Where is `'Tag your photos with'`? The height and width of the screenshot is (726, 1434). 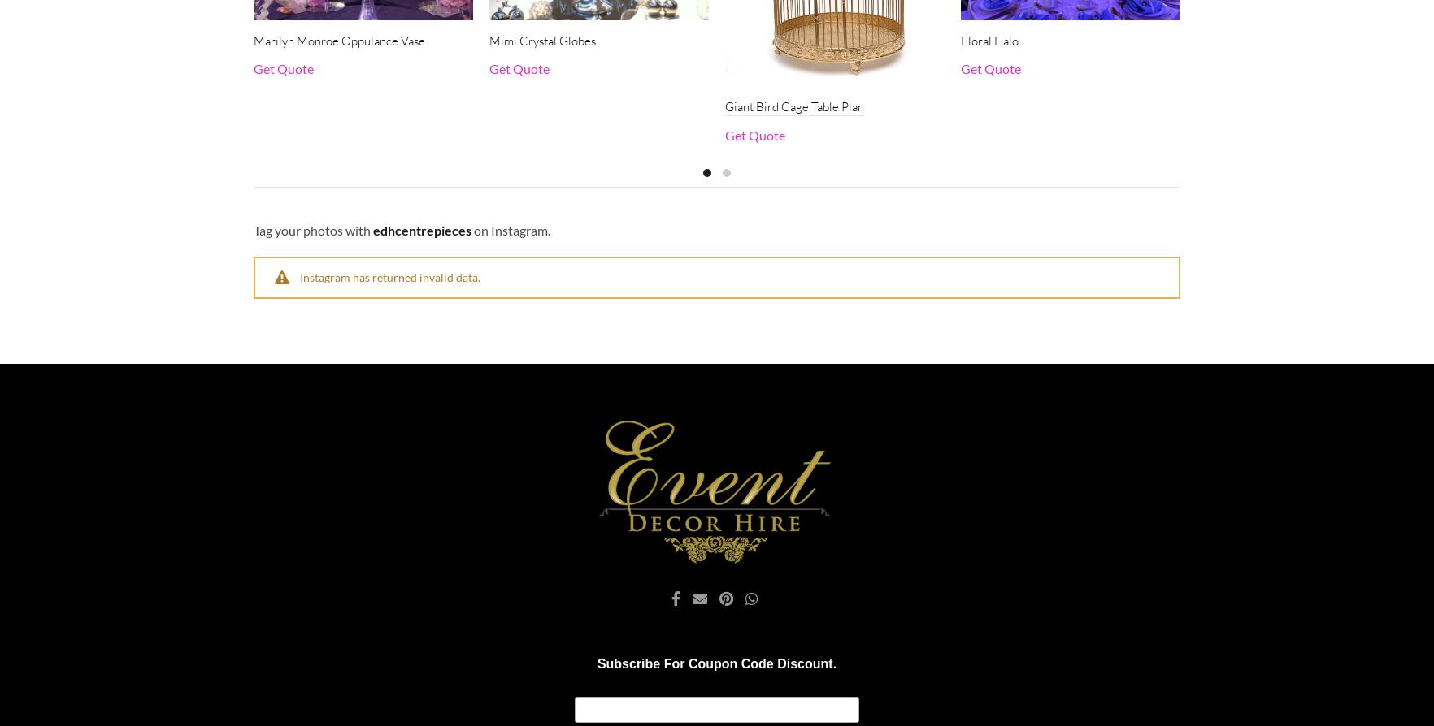 'Tag your photos with' is located at coordinates (313, 228).